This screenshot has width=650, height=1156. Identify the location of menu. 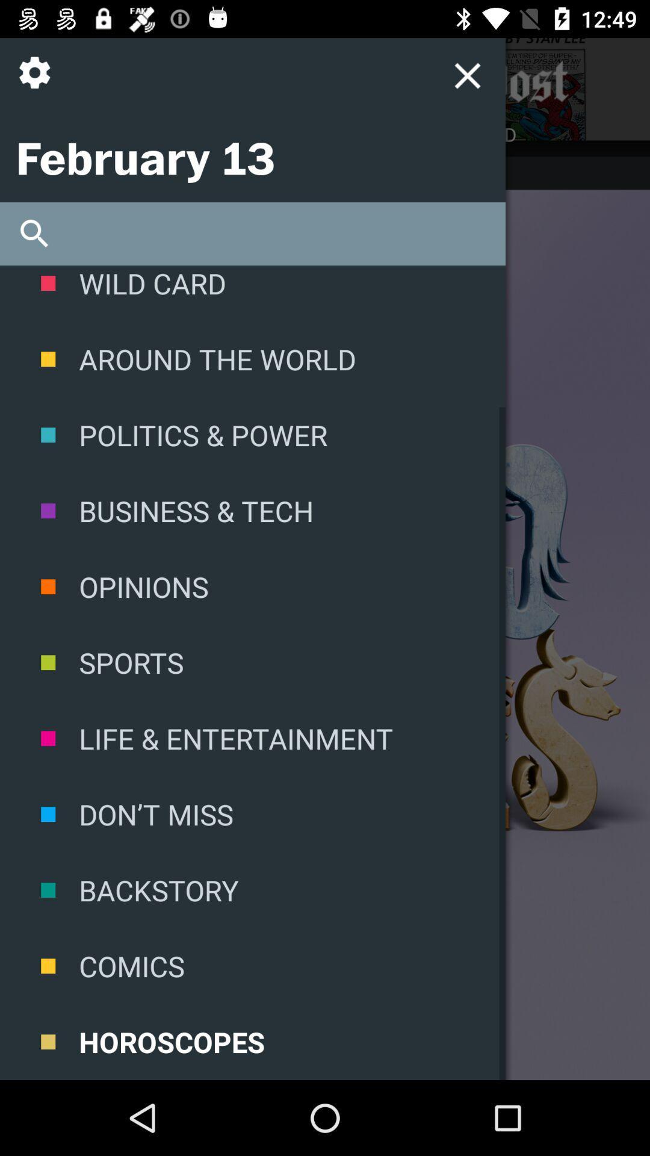
(466, 75).